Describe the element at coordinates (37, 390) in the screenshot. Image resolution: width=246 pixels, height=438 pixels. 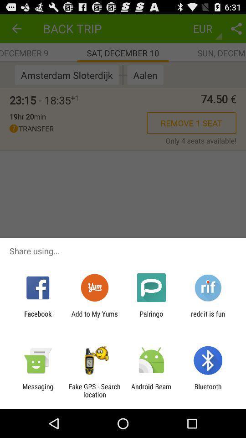
I see `the item next to the fake gps search` at that location.